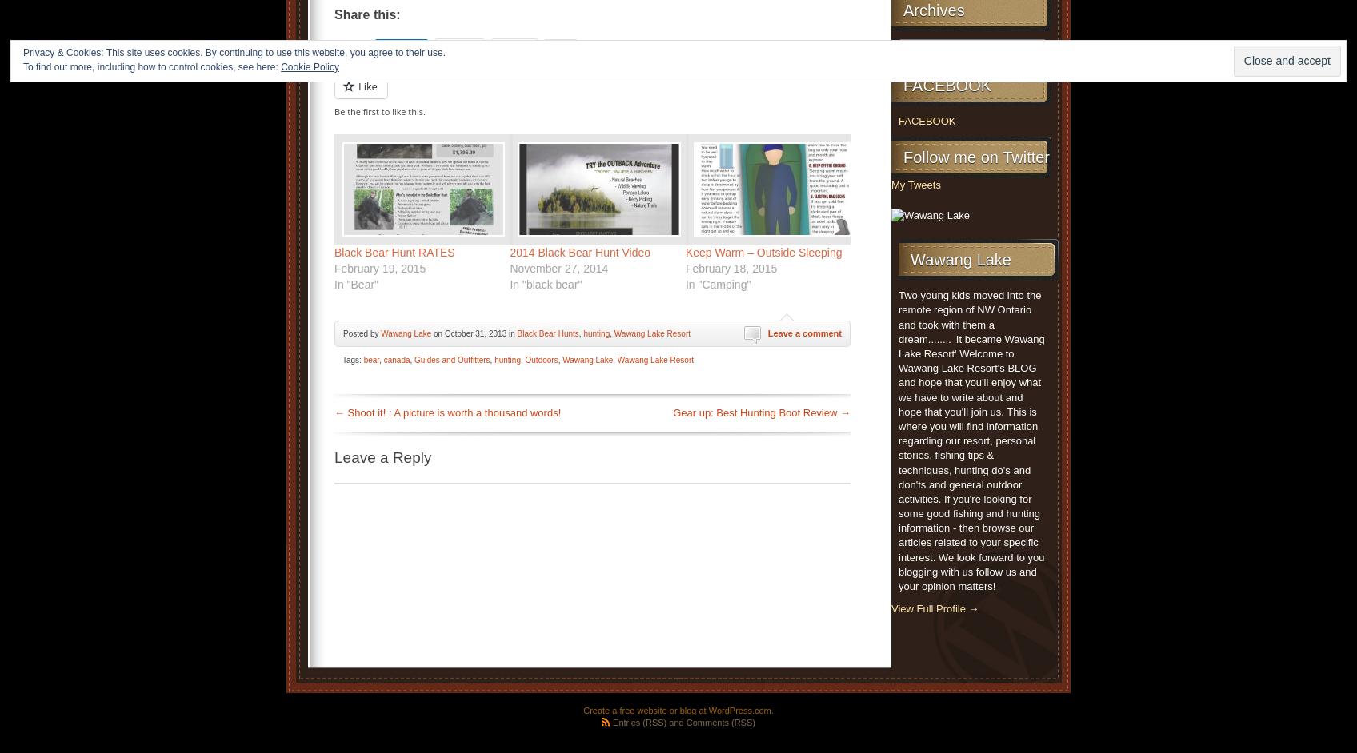  I want to click on 'Print', so click(521, 46).